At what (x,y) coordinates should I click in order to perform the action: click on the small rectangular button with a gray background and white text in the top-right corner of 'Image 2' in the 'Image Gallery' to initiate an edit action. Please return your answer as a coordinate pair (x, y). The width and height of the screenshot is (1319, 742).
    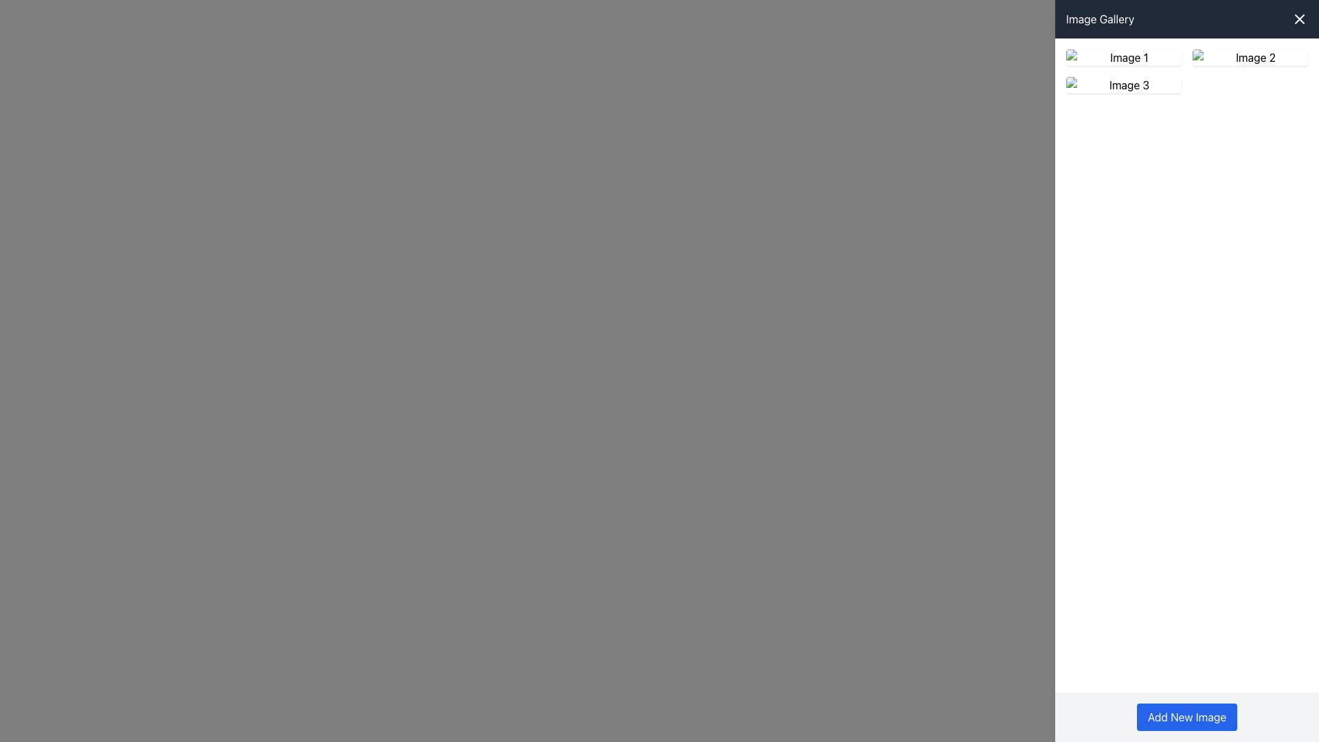
    Looking at the image, I should click on (1250, 57).